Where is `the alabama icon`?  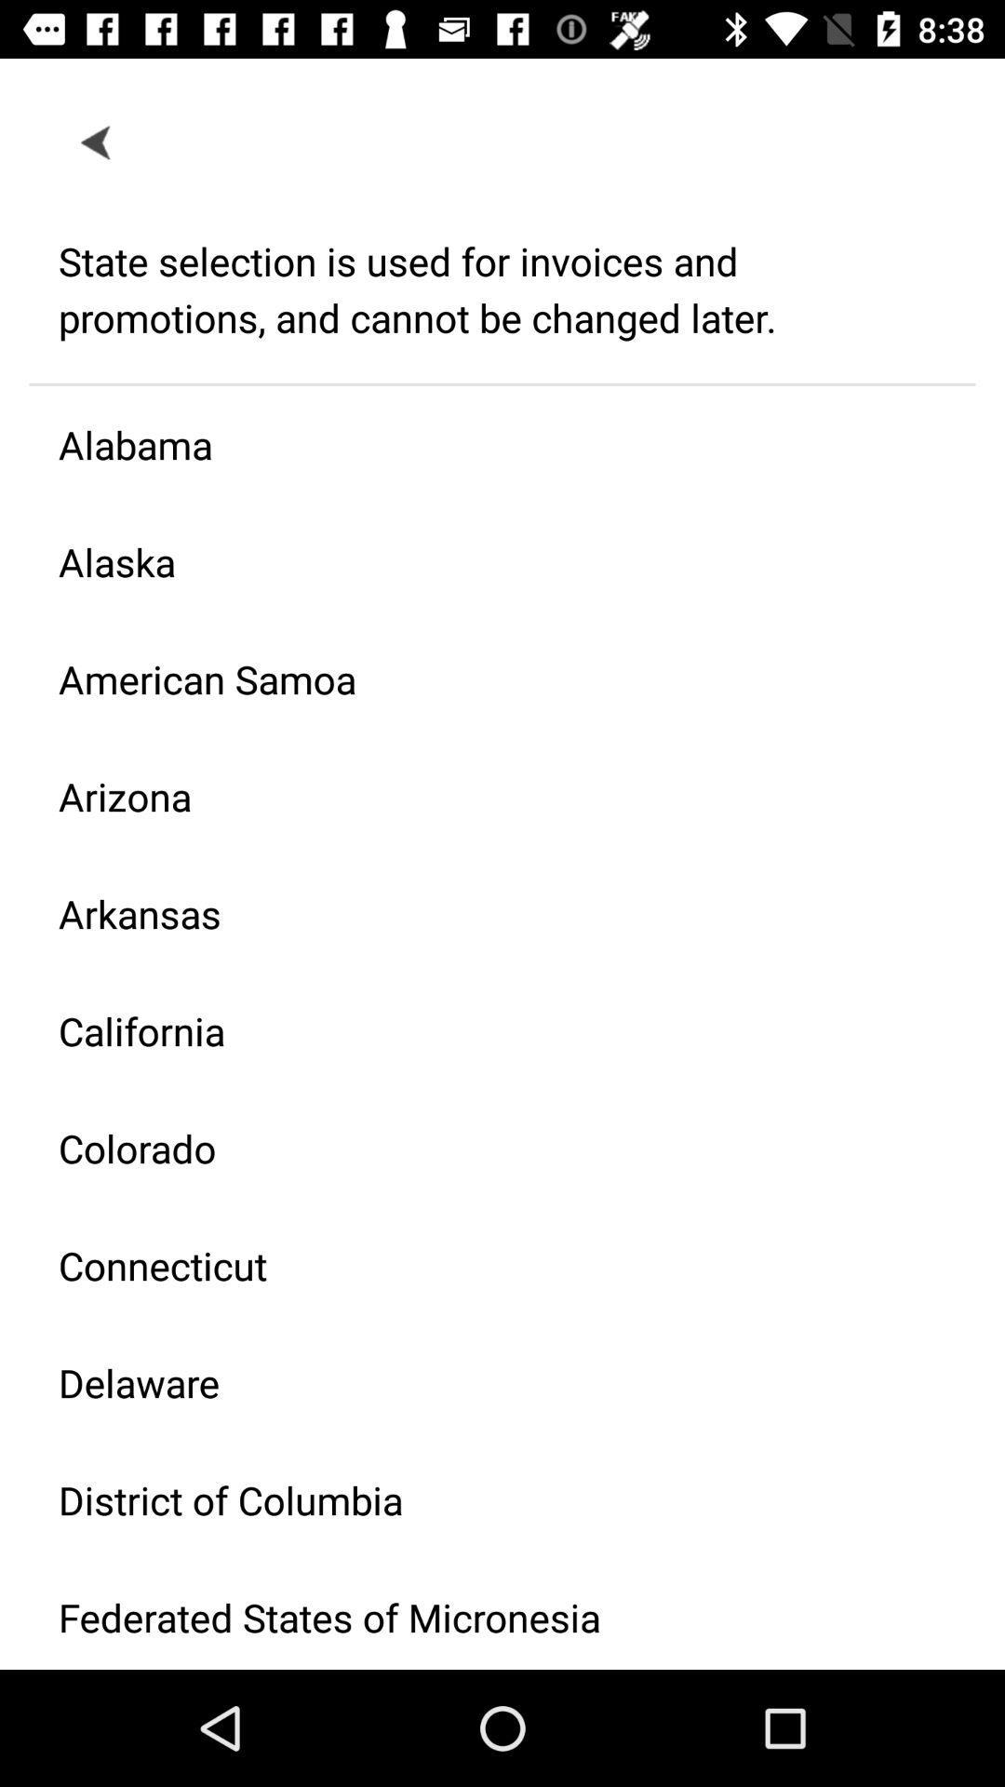 the alabama icon is located at coordinates (487, 443).